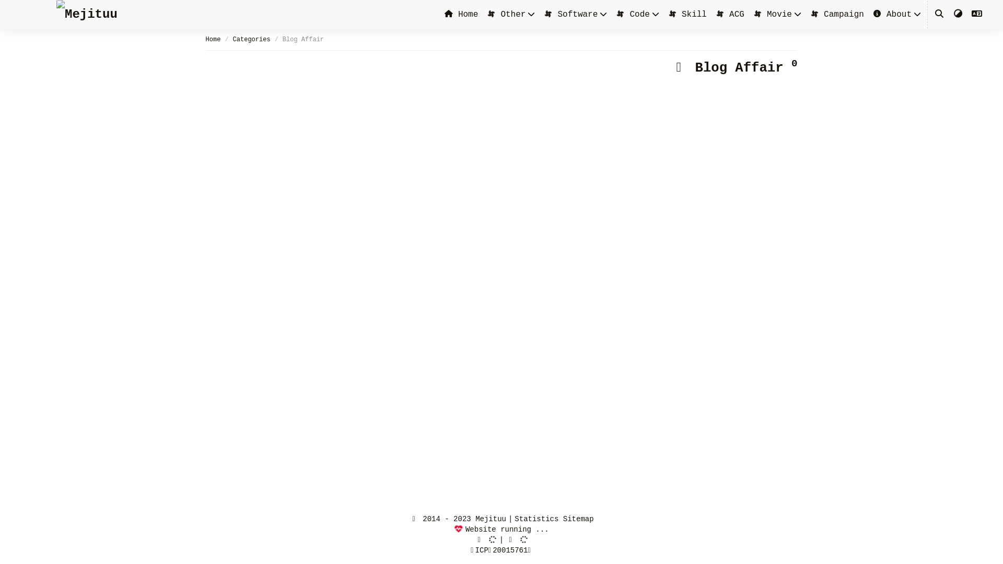 The height and width of the screenshot is (564, 1003). Describe the element at coordinates (461, 14) in the screenshot. I see `'Home'` at that location.